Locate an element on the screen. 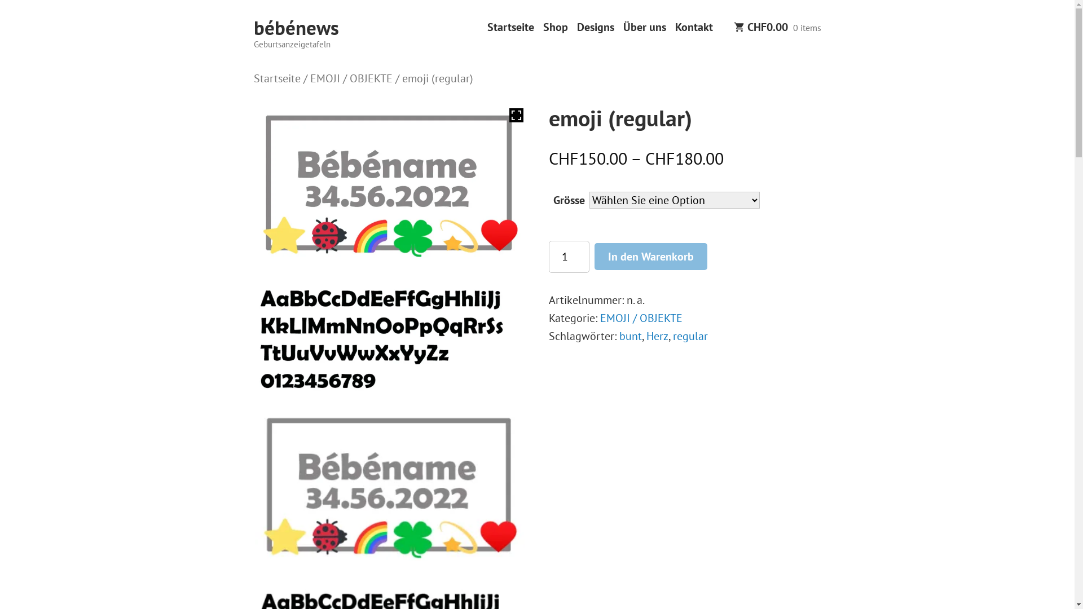 The height and width of the screenshot is (609, 1083). 'emoji (regular)_800x800' is located at coordinates (390, 484).